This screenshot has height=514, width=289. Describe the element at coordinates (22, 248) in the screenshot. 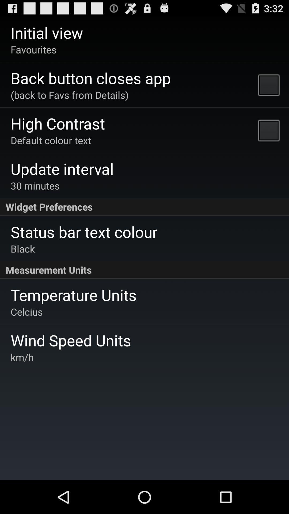

I see `the black item` at that location.